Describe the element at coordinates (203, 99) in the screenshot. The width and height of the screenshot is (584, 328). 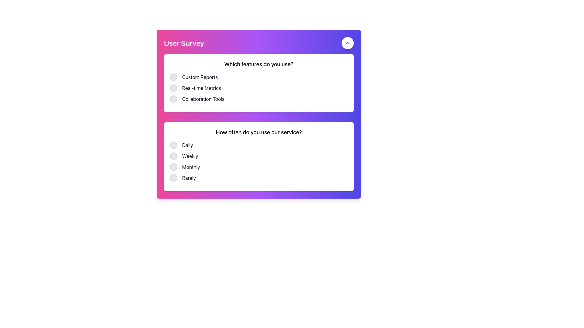
I see `the 'Collaboration Tools' text label, which is styled in gray and is the third option under 'Which features do you use?'` at that location.